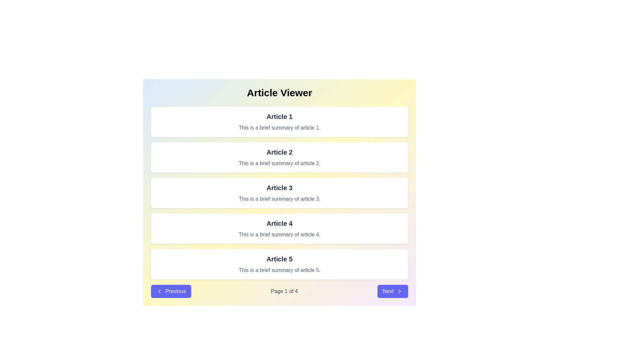  Describe the element at coordinates (280, 264) in the screenshot. I see `the fifth Card component in the vertically stacked list, which has a white background, rounded corners, and contains the title 'Article 5'` at that location.